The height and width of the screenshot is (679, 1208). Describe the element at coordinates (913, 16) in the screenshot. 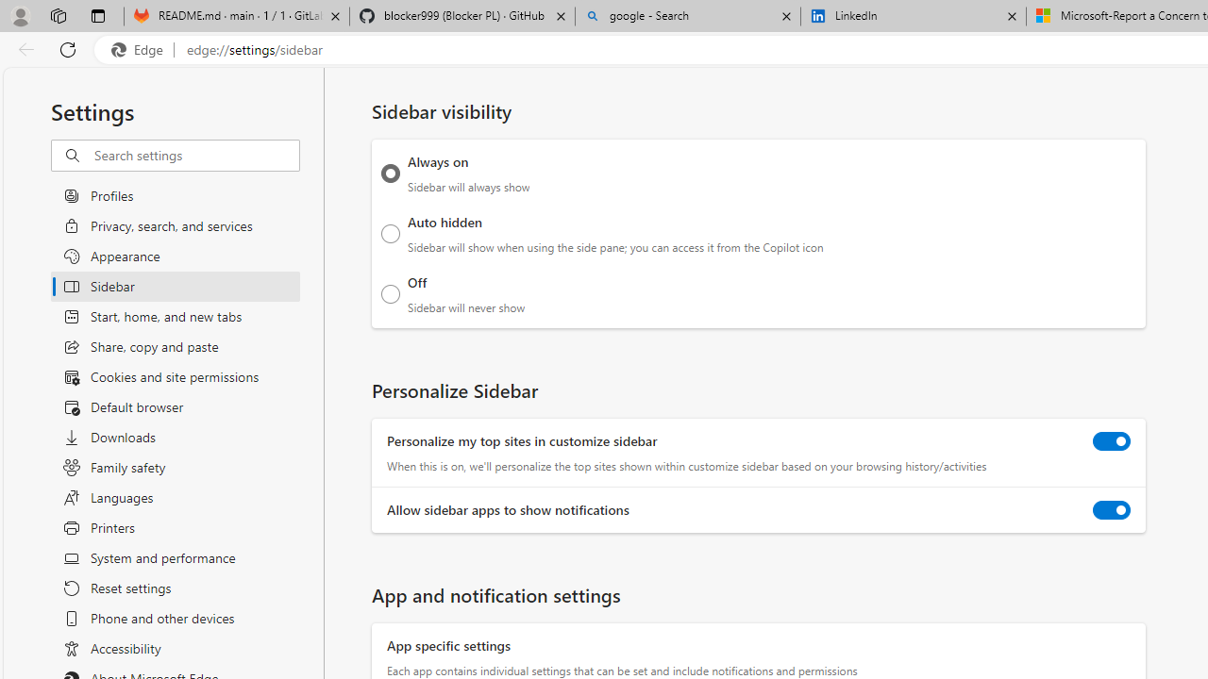

I see `'LinkedIn'` at that location.